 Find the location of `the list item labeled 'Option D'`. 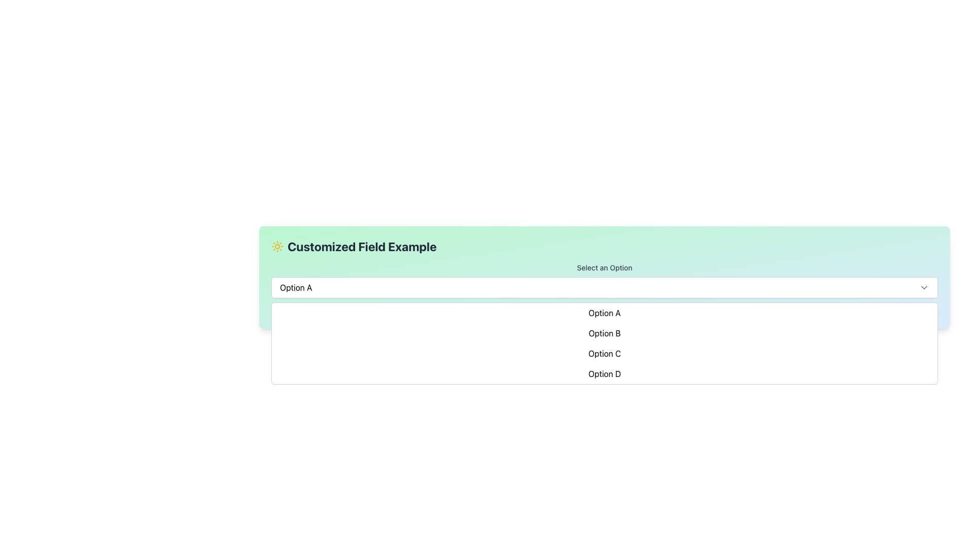

the list item labeled 'Option D' is located at coordinates (604, 373).